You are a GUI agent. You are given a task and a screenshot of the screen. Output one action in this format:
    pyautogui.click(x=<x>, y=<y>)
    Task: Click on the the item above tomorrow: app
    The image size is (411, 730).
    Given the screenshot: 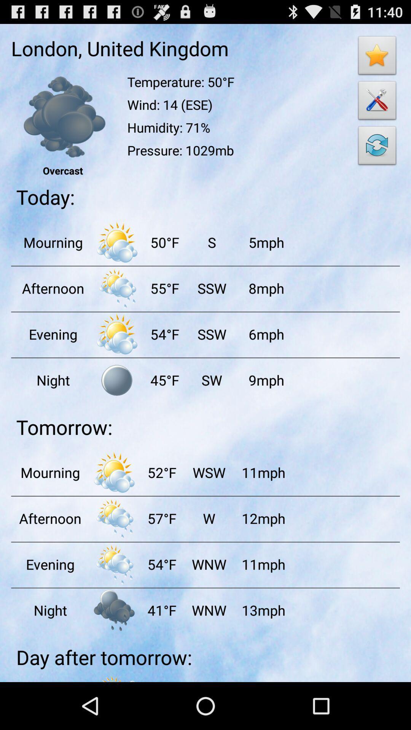 What is the action you would take?
    pyautogui.click(x=212, y=380)
    